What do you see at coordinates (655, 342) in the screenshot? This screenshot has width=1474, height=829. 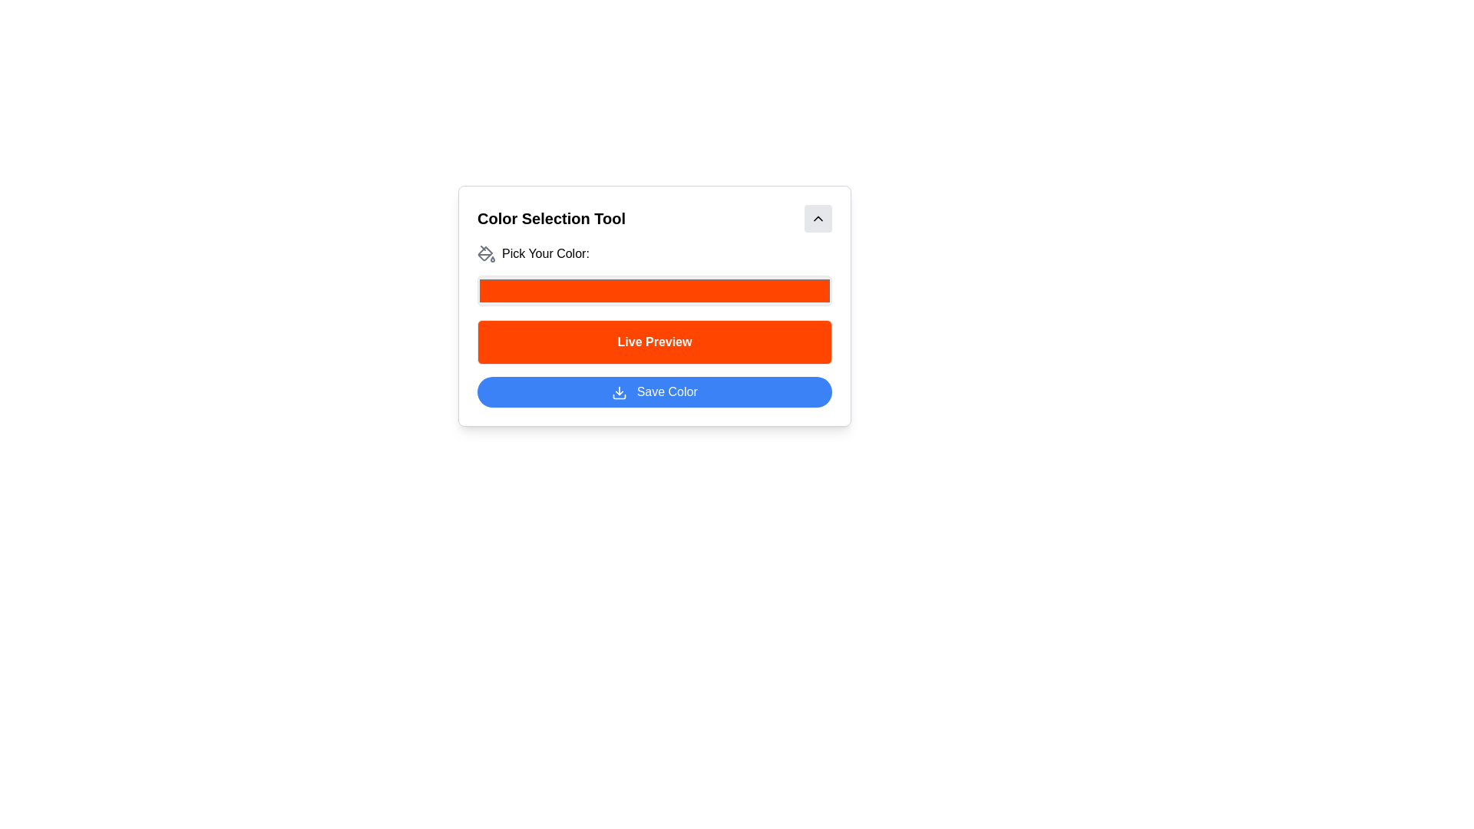 I see `the 'Live Preview' text label, which is bold and white, centered within a vivid orange rectangle, positioned below another orange rectangle and above the blue 'Save Color' button` at bounding box center [655, 342].